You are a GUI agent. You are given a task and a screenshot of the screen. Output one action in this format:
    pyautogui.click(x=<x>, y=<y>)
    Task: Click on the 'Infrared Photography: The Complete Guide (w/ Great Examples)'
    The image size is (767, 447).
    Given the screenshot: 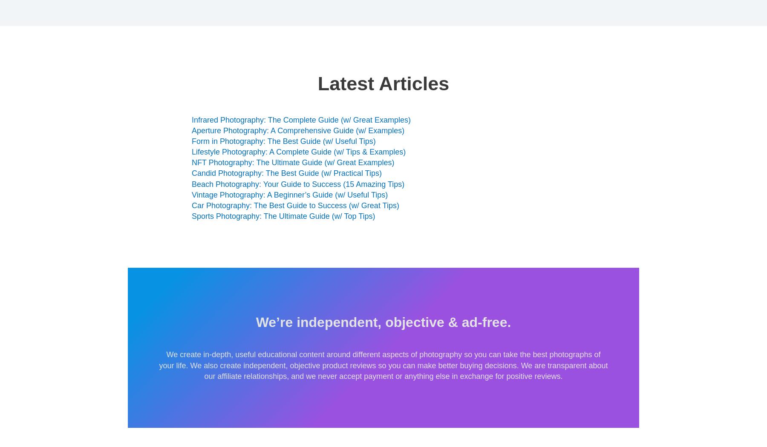 What is the action you would take?
    pyautogui.click(x=300, y=119)
    